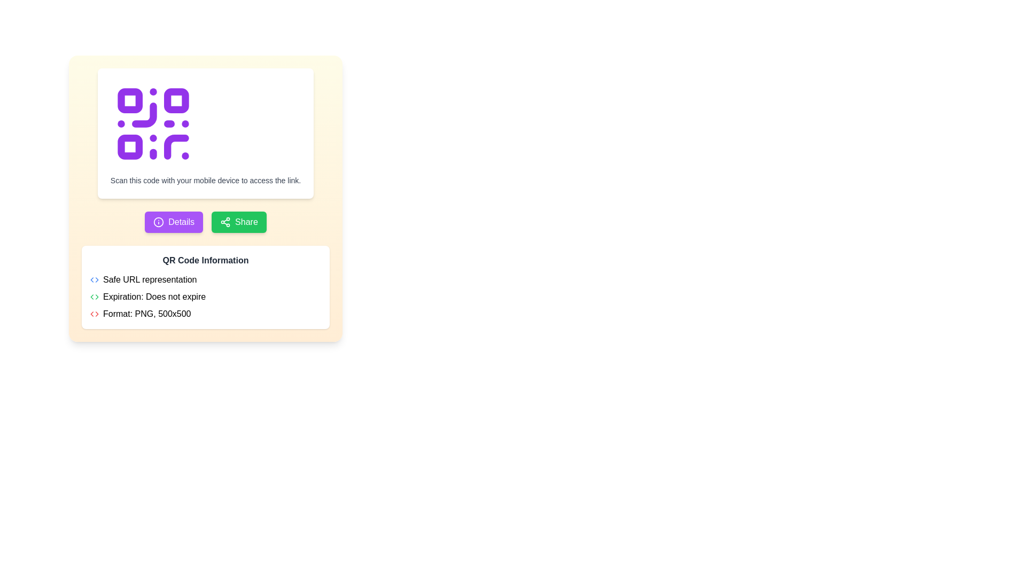 The height and width of the screenshot is (577, 1026). Describe the element at coordinates (225, 222) in the screenshot. I see `the icon representing the share functionality located within the green 'Share' button` at that location.